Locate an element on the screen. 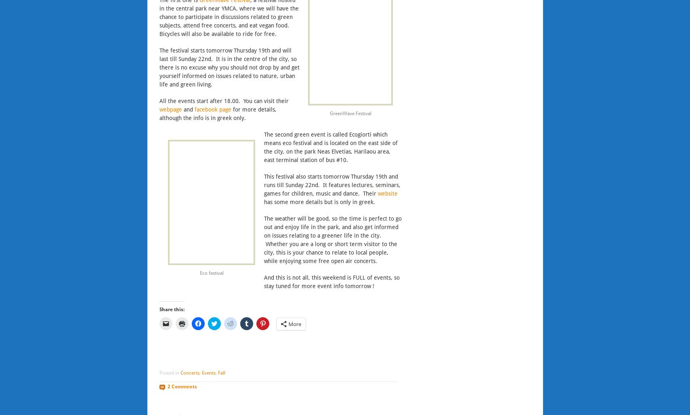  'Share this:' is located at coordinates (171, 309).